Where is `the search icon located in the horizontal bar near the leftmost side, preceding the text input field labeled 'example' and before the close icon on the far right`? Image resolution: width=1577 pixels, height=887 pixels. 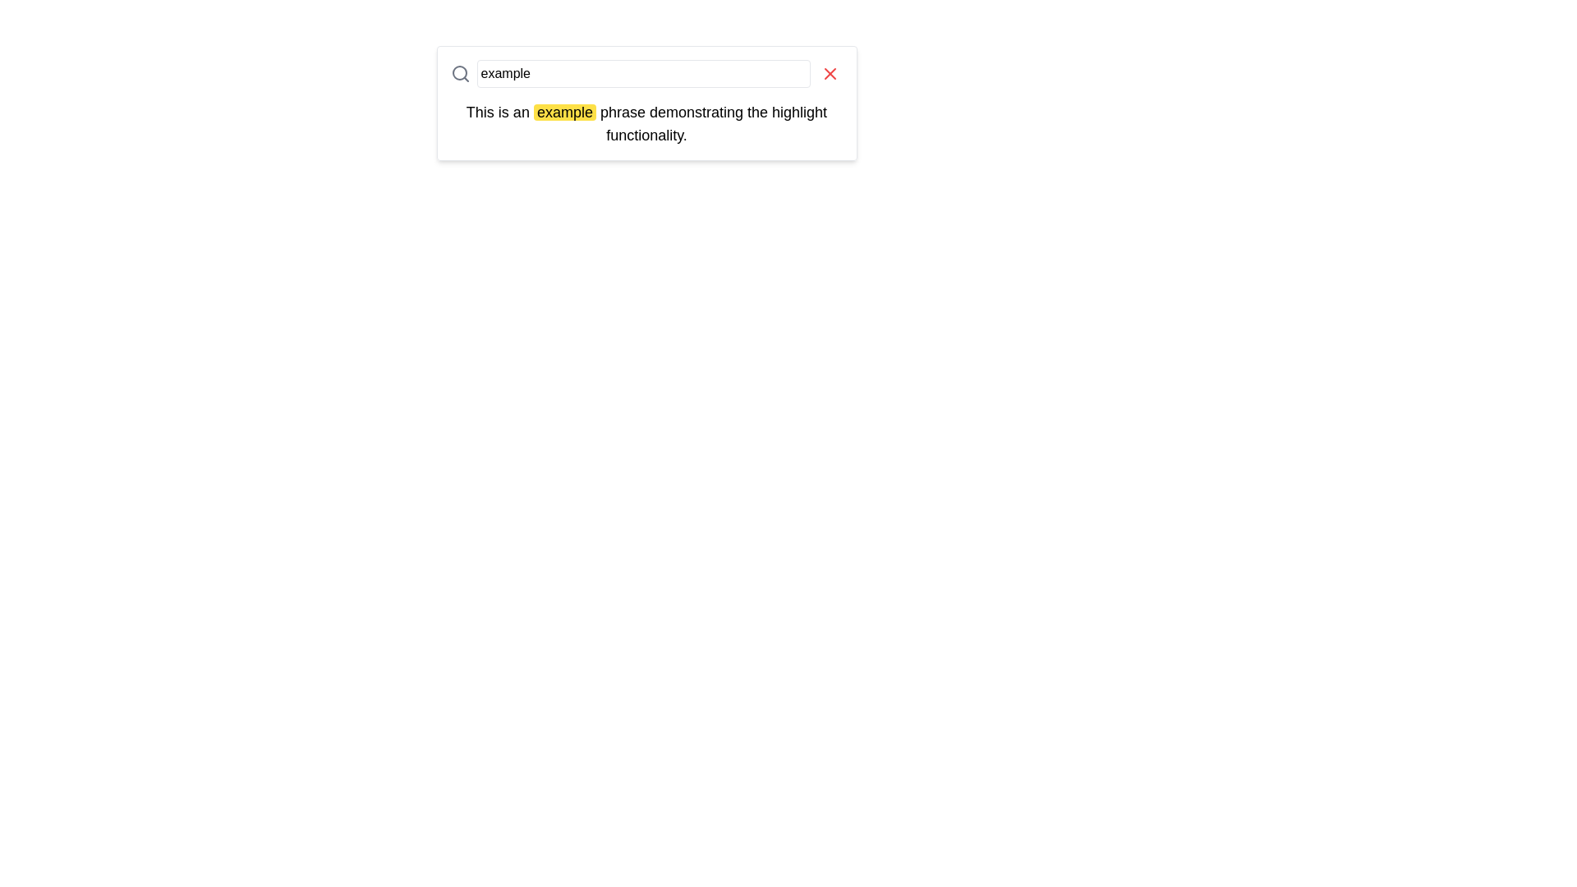
the search icon located in the horizontal bar near the leftmost side, preceding the text input field labeled 'example' and before the close icon on the far right is located at coordinates (460, 72).